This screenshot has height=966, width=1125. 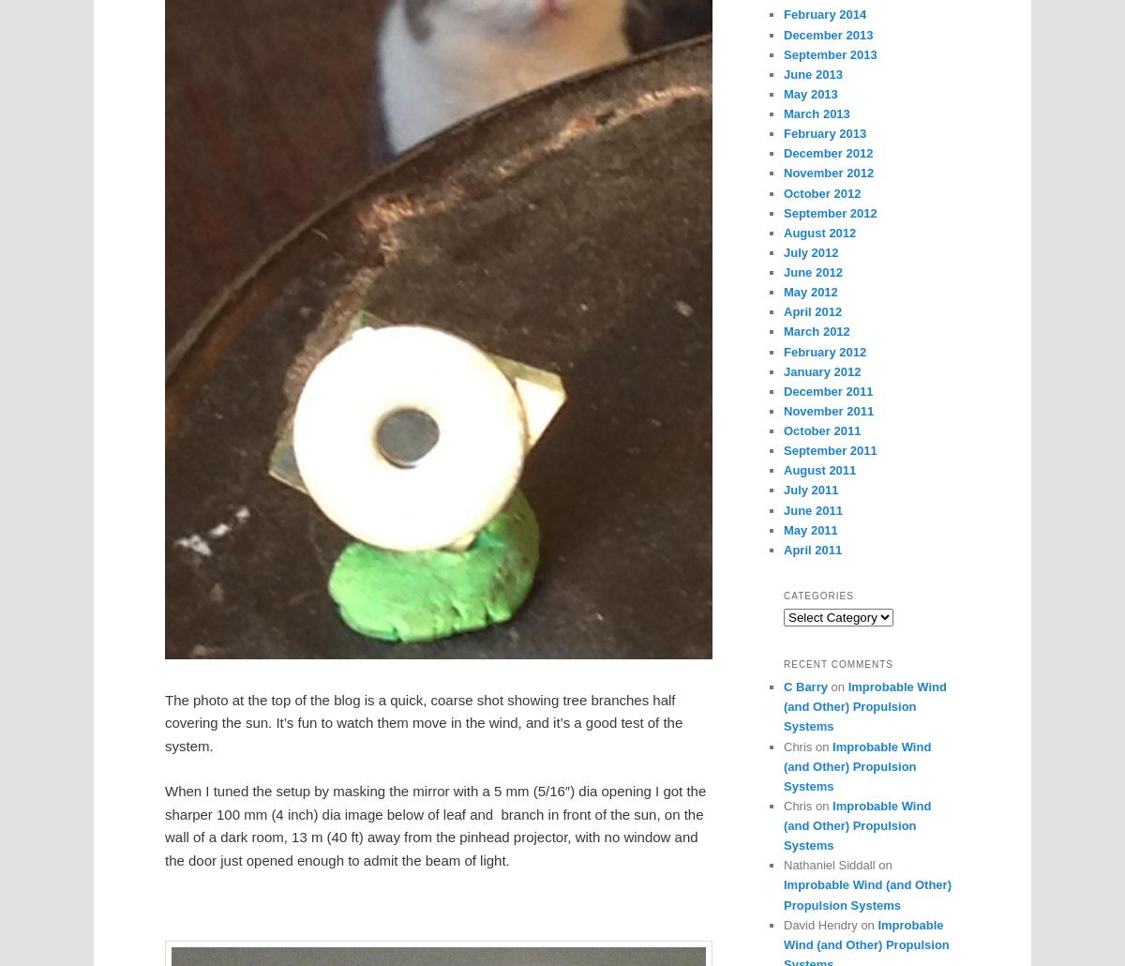 What do you see at coordinates (783, 291) in the screenshot?
I see `'May 2012'` at bounding box center [783, 291].